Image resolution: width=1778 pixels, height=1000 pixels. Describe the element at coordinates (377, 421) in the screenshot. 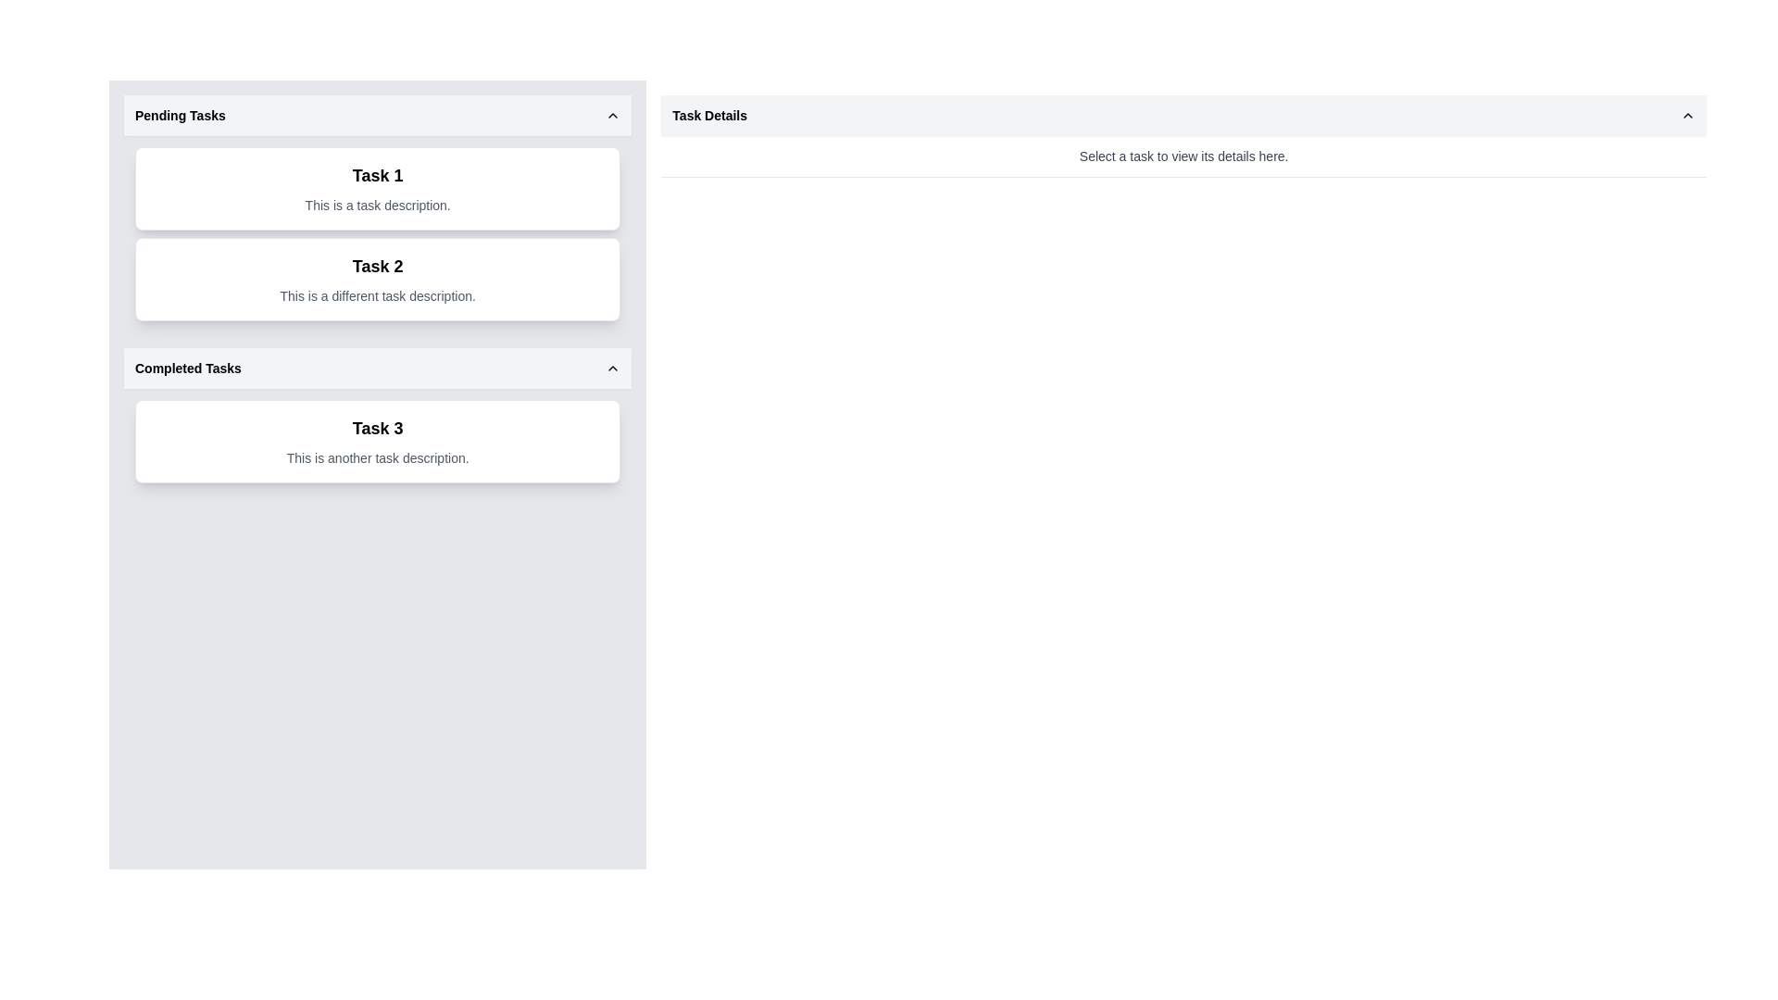

I see `the card component labeled 'Task 3' in the 'Completed Tasks' section` at that location.